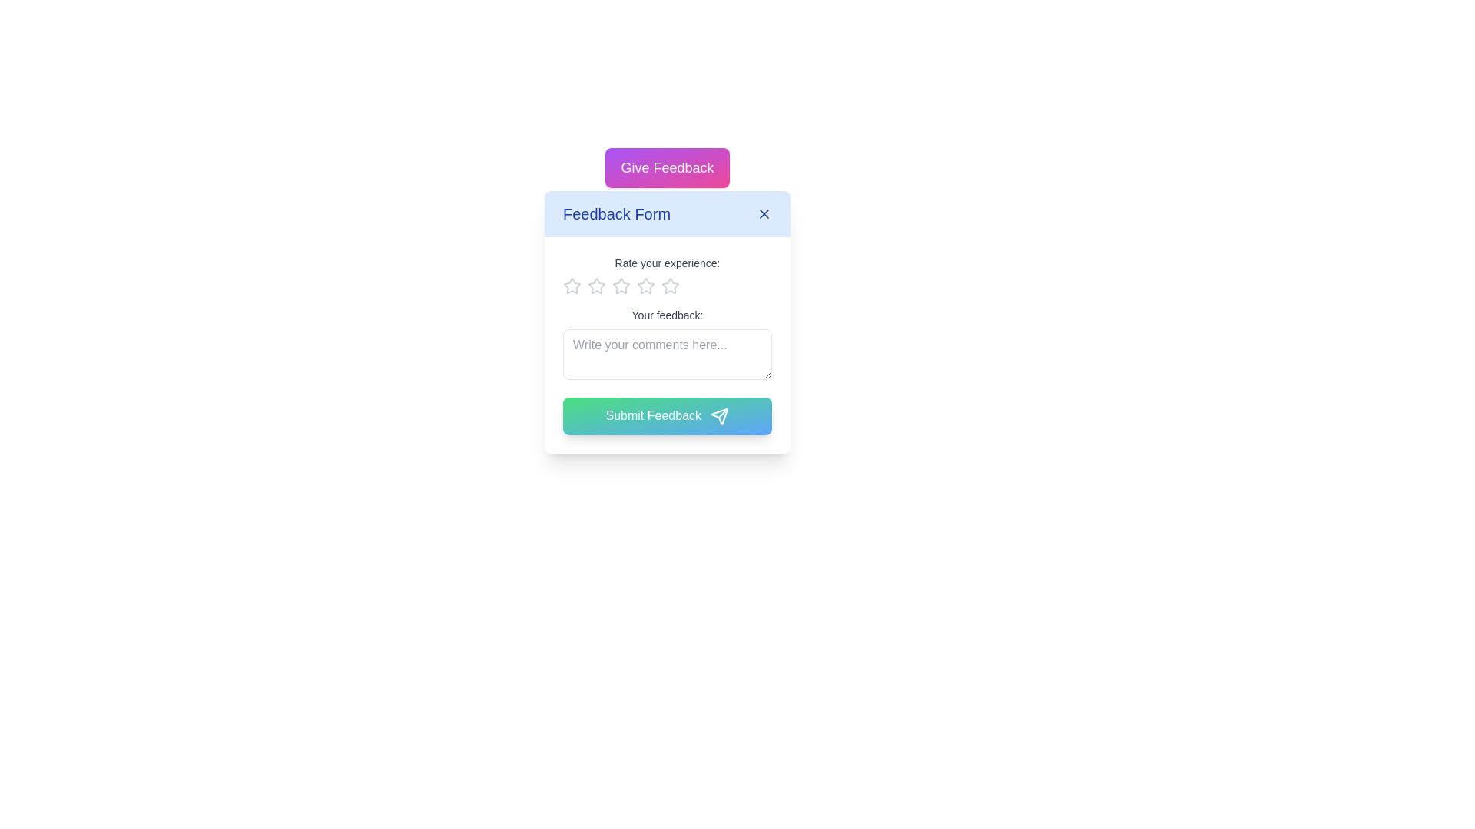  Describe the element at coordinates (667, 355) in the screenshot. I see `the text input field for feedback comments, located below 'Your feedback:' and above the 'Submit Feedback' button` at that location.